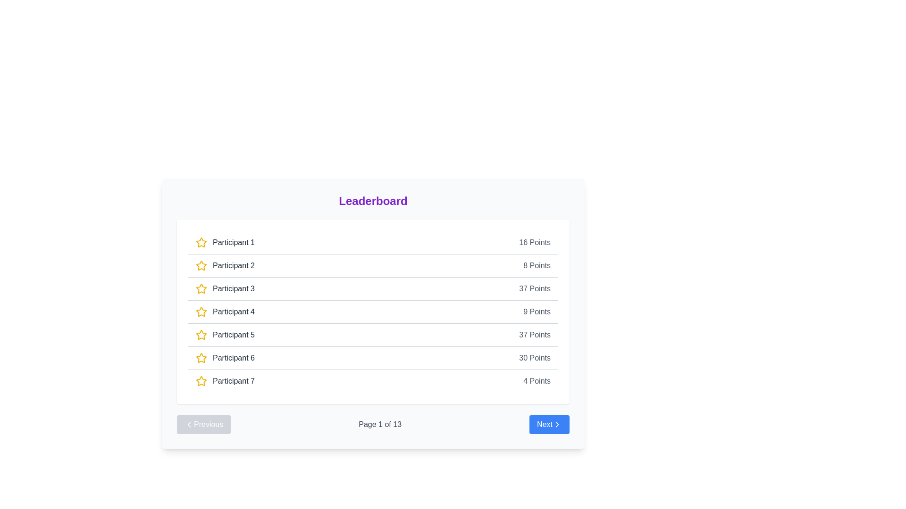  I want to click on the score of 'Participant 5' in the fifth row of the leaderboard list, which displays '37 Points', so click(373, 334).